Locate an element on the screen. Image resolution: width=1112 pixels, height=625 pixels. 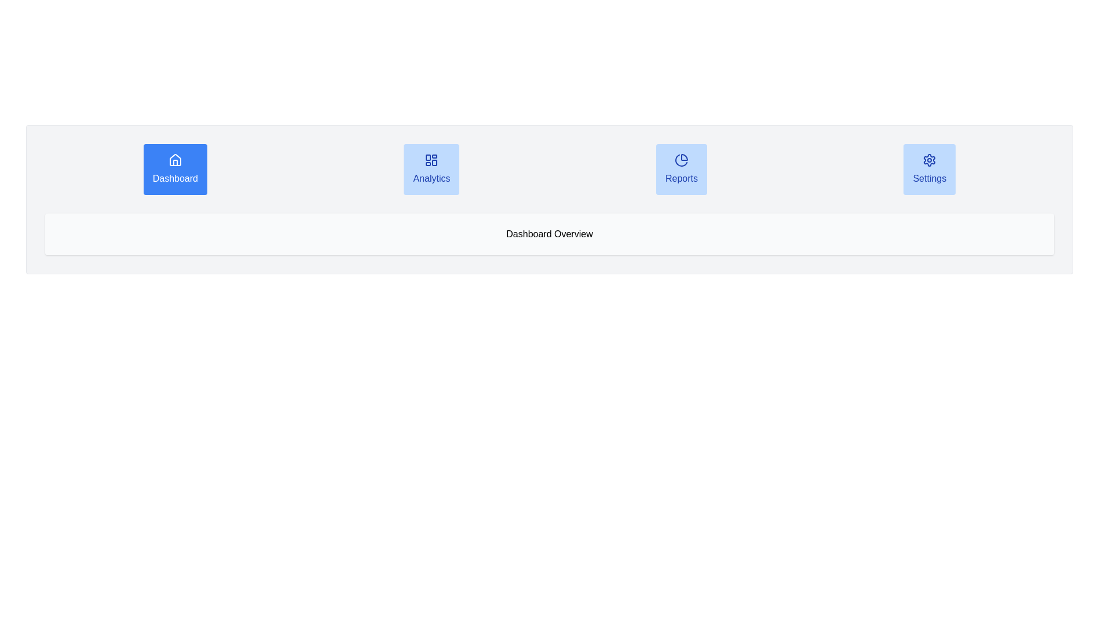
the settings button located at the top-right corner of the interface is located at coordinates (930, 178).